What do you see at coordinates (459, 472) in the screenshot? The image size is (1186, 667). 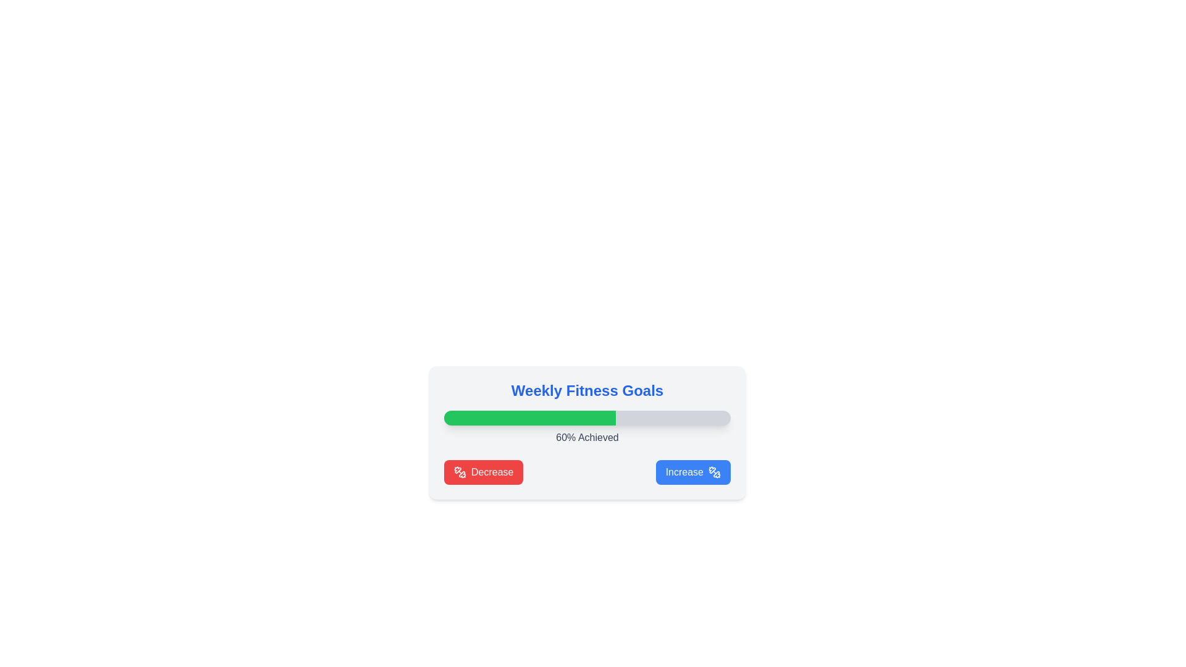 I see `the dumbbell icon which is part of the 'Decrease' button, located on the left side of a pair of buttons at the bottom section of a card-like layout` at bounding box center [459, 472].